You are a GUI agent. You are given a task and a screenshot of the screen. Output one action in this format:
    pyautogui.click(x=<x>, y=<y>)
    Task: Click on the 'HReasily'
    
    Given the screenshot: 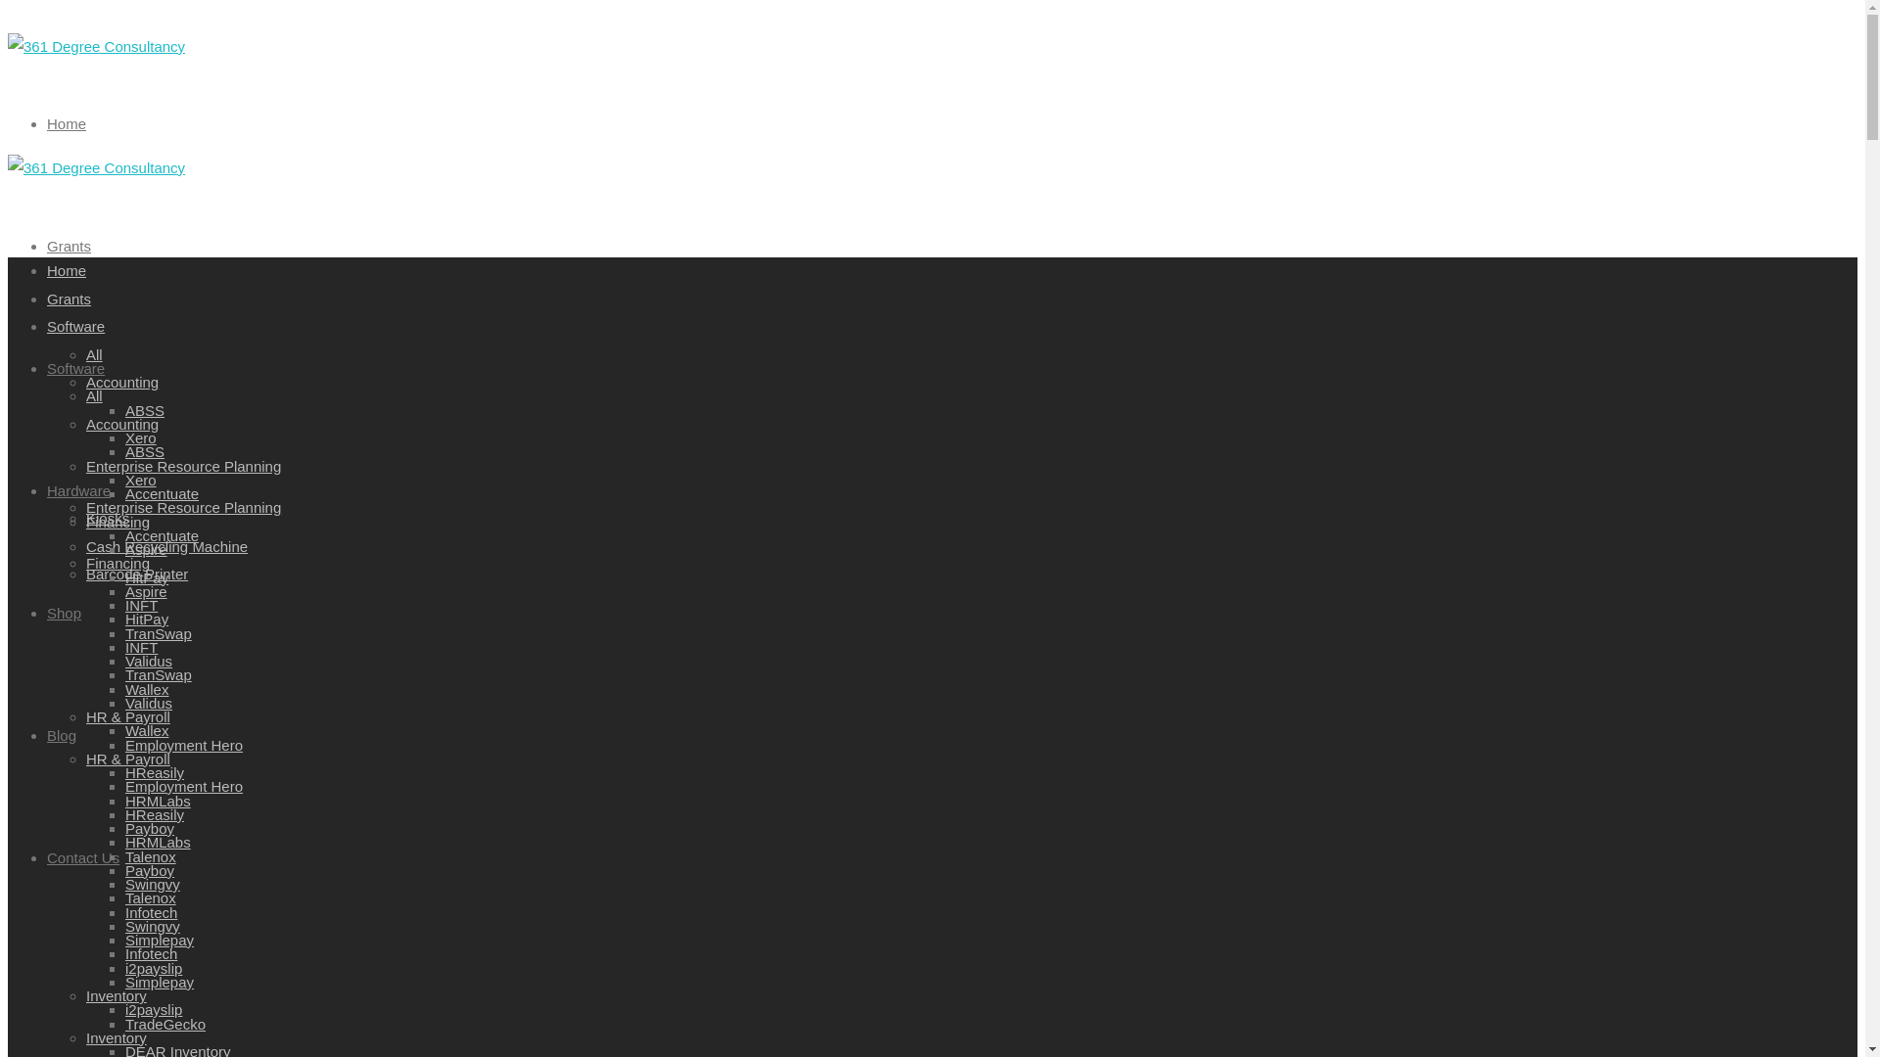 What is the action you would take?
    pyautogui.click(x=154, y=814)
    